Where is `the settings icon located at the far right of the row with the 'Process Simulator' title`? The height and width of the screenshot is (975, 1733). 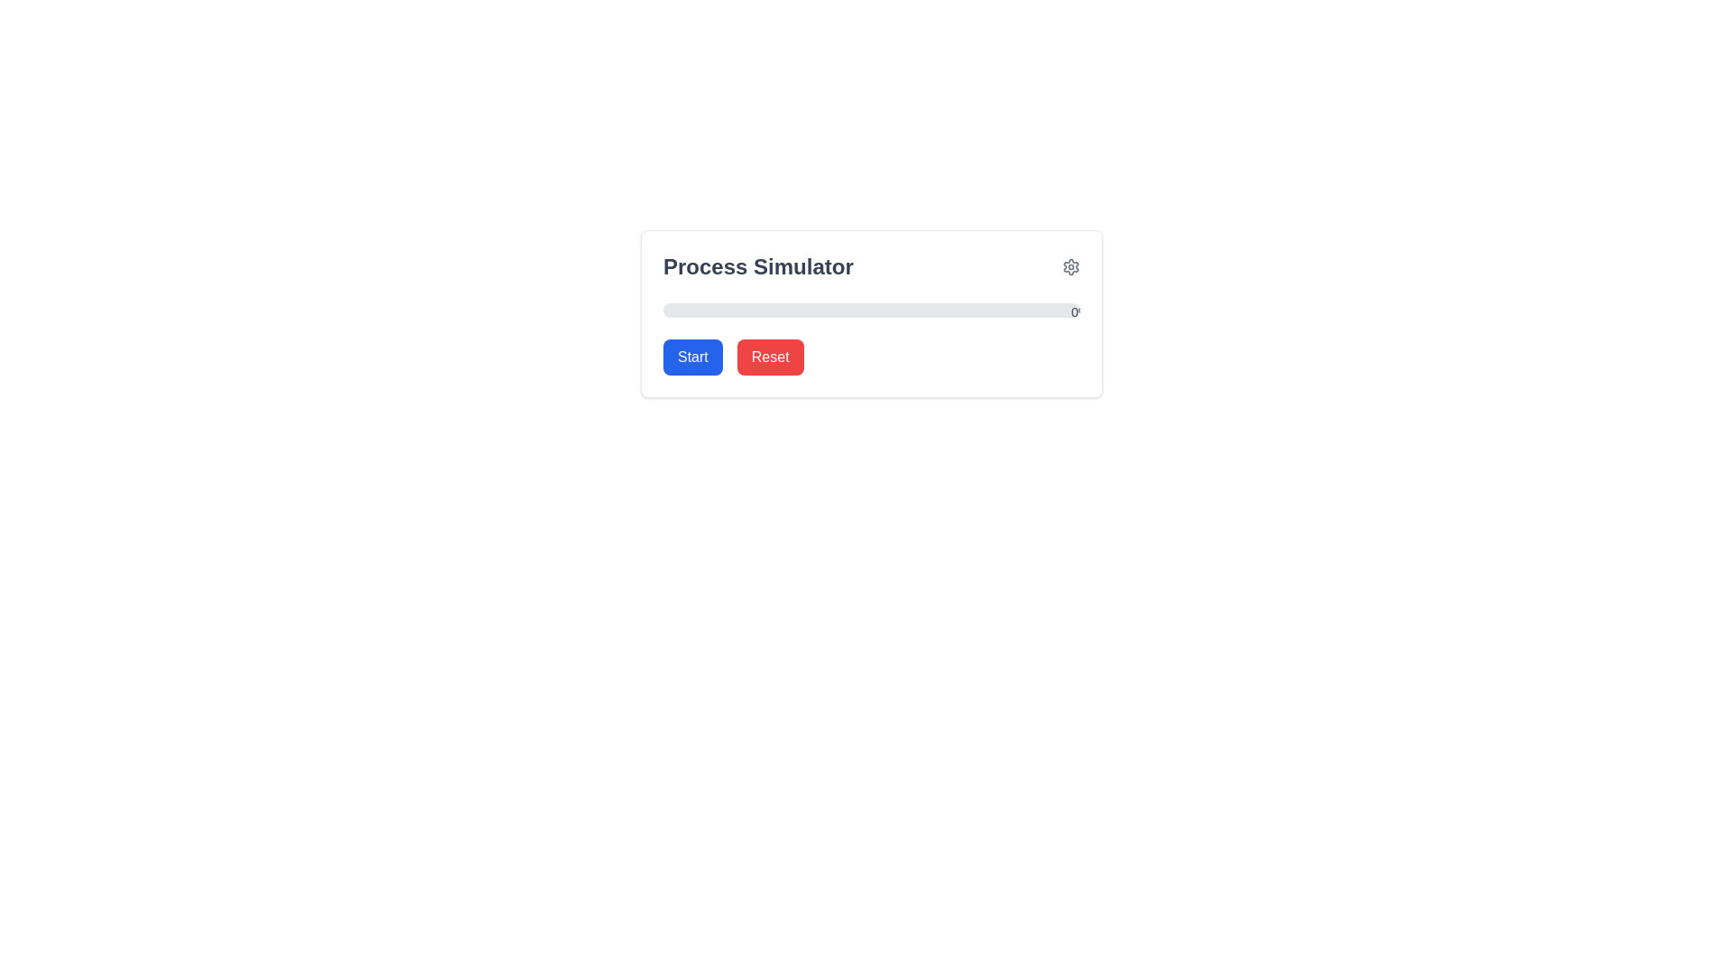 the settings icon located at the far right of the row with the 'Process Simulator' title is located at coordinates (1070, 267).